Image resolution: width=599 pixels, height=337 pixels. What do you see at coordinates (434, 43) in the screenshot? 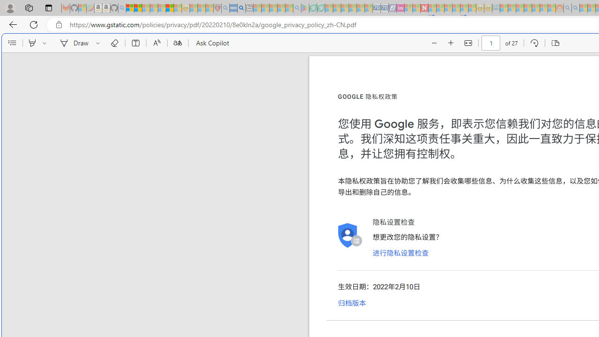
I see `'Zoom out (Ctrl+Minus key)'` at bounding box center [434, 43].